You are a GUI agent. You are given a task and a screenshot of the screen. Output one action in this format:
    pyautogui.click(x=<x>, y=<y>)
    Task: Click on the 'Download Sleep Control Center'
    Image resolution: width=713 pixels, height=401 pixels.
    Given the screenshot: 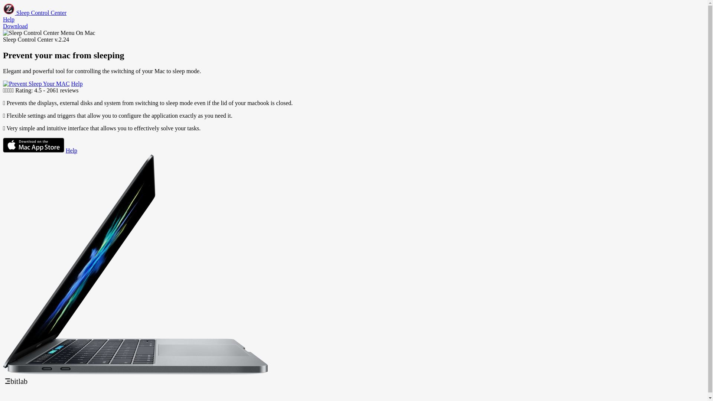 What is the action you would take?
    pyautogui.click(x=33, y=150)
    